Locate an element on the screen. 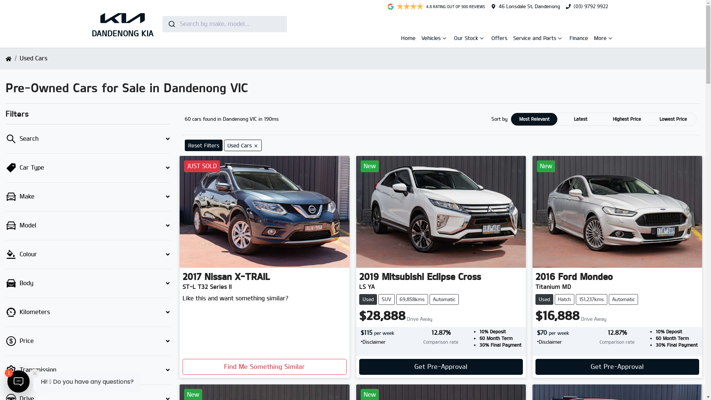 The image size is (711, 400). 'Home' is located at coordinates (407, 38).